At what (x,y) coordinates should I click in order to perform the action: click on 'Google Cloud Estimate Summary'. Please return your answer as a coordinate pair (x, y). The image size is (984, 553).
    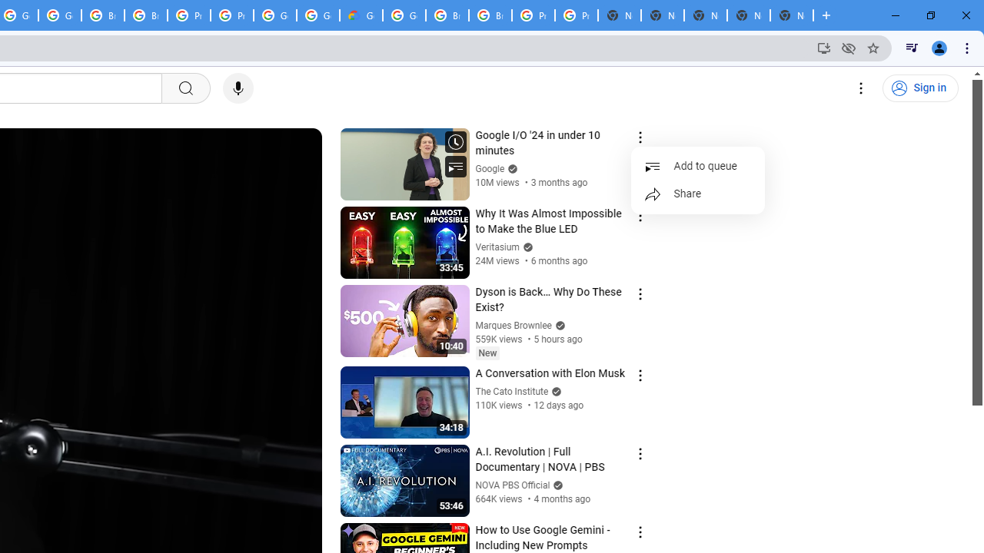
    Looking at the image, I should click on (360, 15).